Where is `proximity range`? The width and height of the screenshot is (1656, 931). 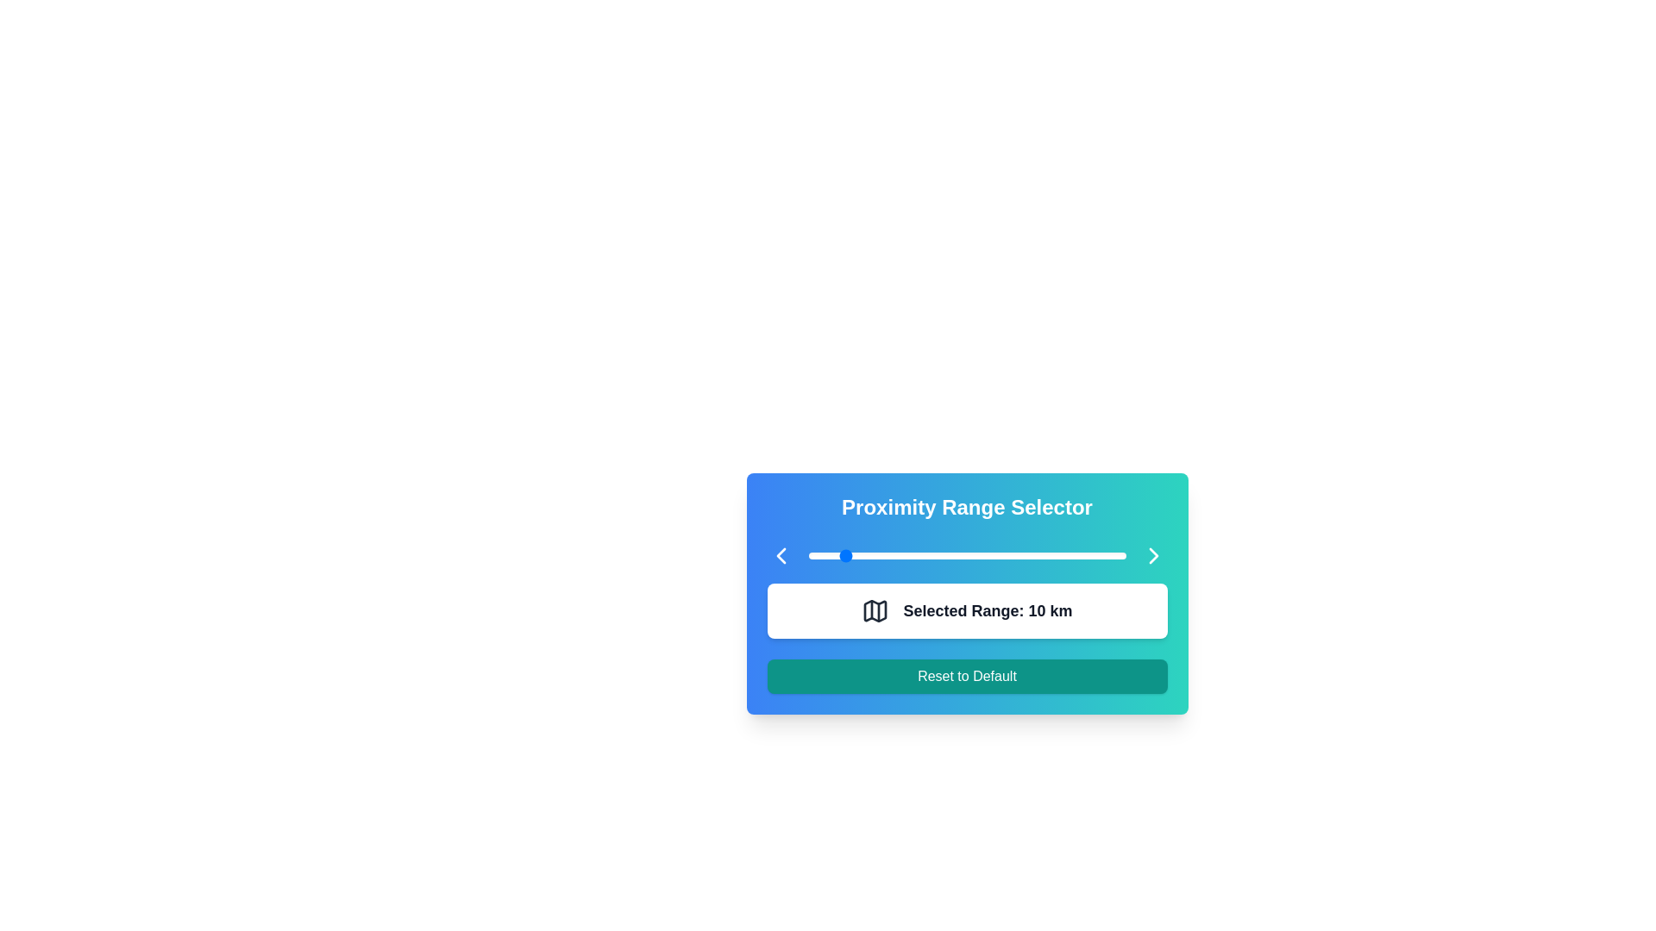
proximity range is located at coordinates (963, 555).